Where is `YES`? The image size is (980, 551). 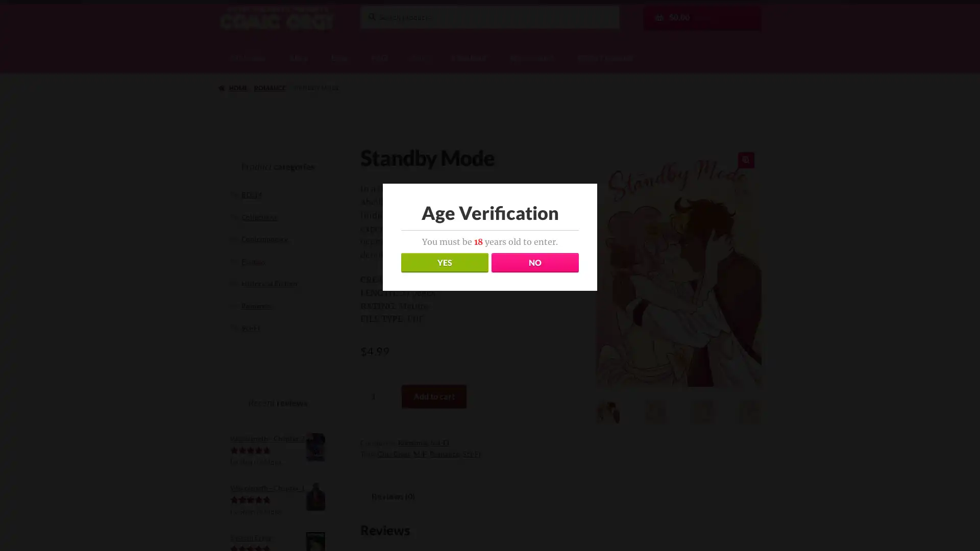 YES is located at coordinates (444, 262).